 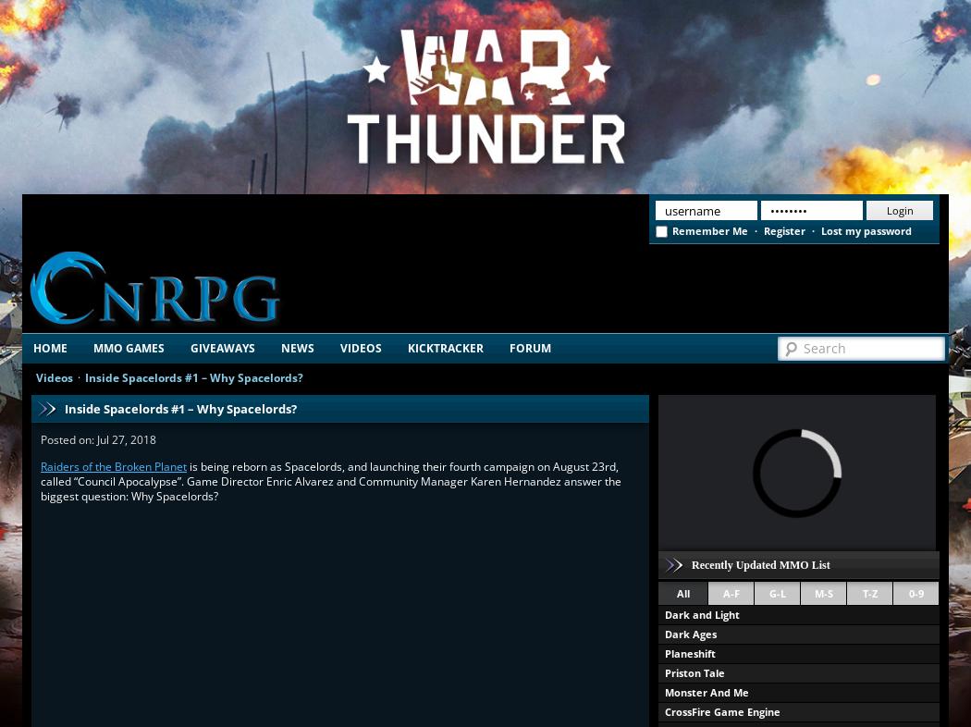 I want to click on 'Home', so click(x=49, y=348).